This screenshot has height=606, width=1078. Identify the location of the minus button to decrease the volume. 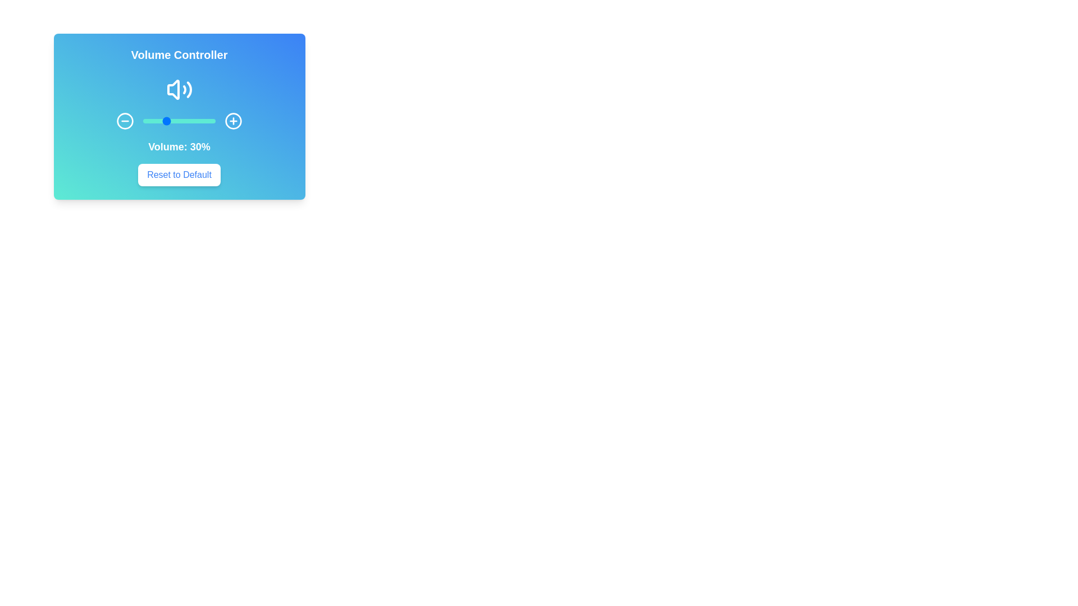
(125, 121).